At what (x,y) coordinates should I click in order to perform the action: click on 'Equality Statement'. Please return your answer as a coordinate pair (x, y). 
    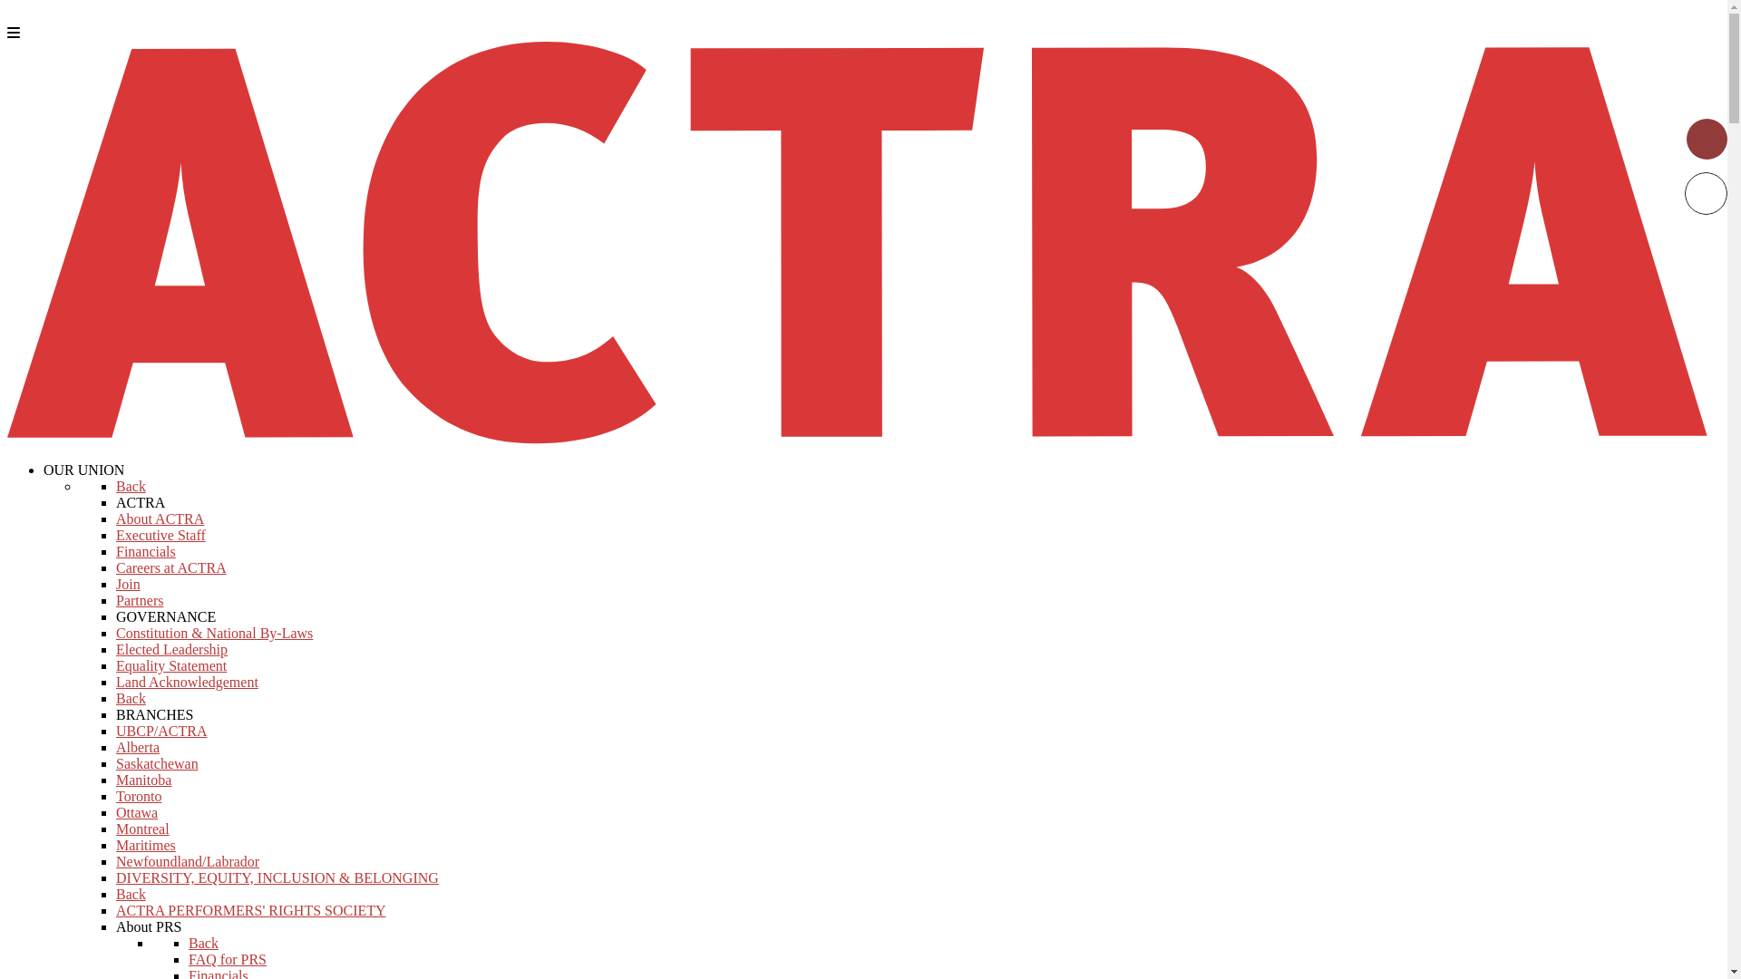
    Looking at the image, I should click on (170, 665).